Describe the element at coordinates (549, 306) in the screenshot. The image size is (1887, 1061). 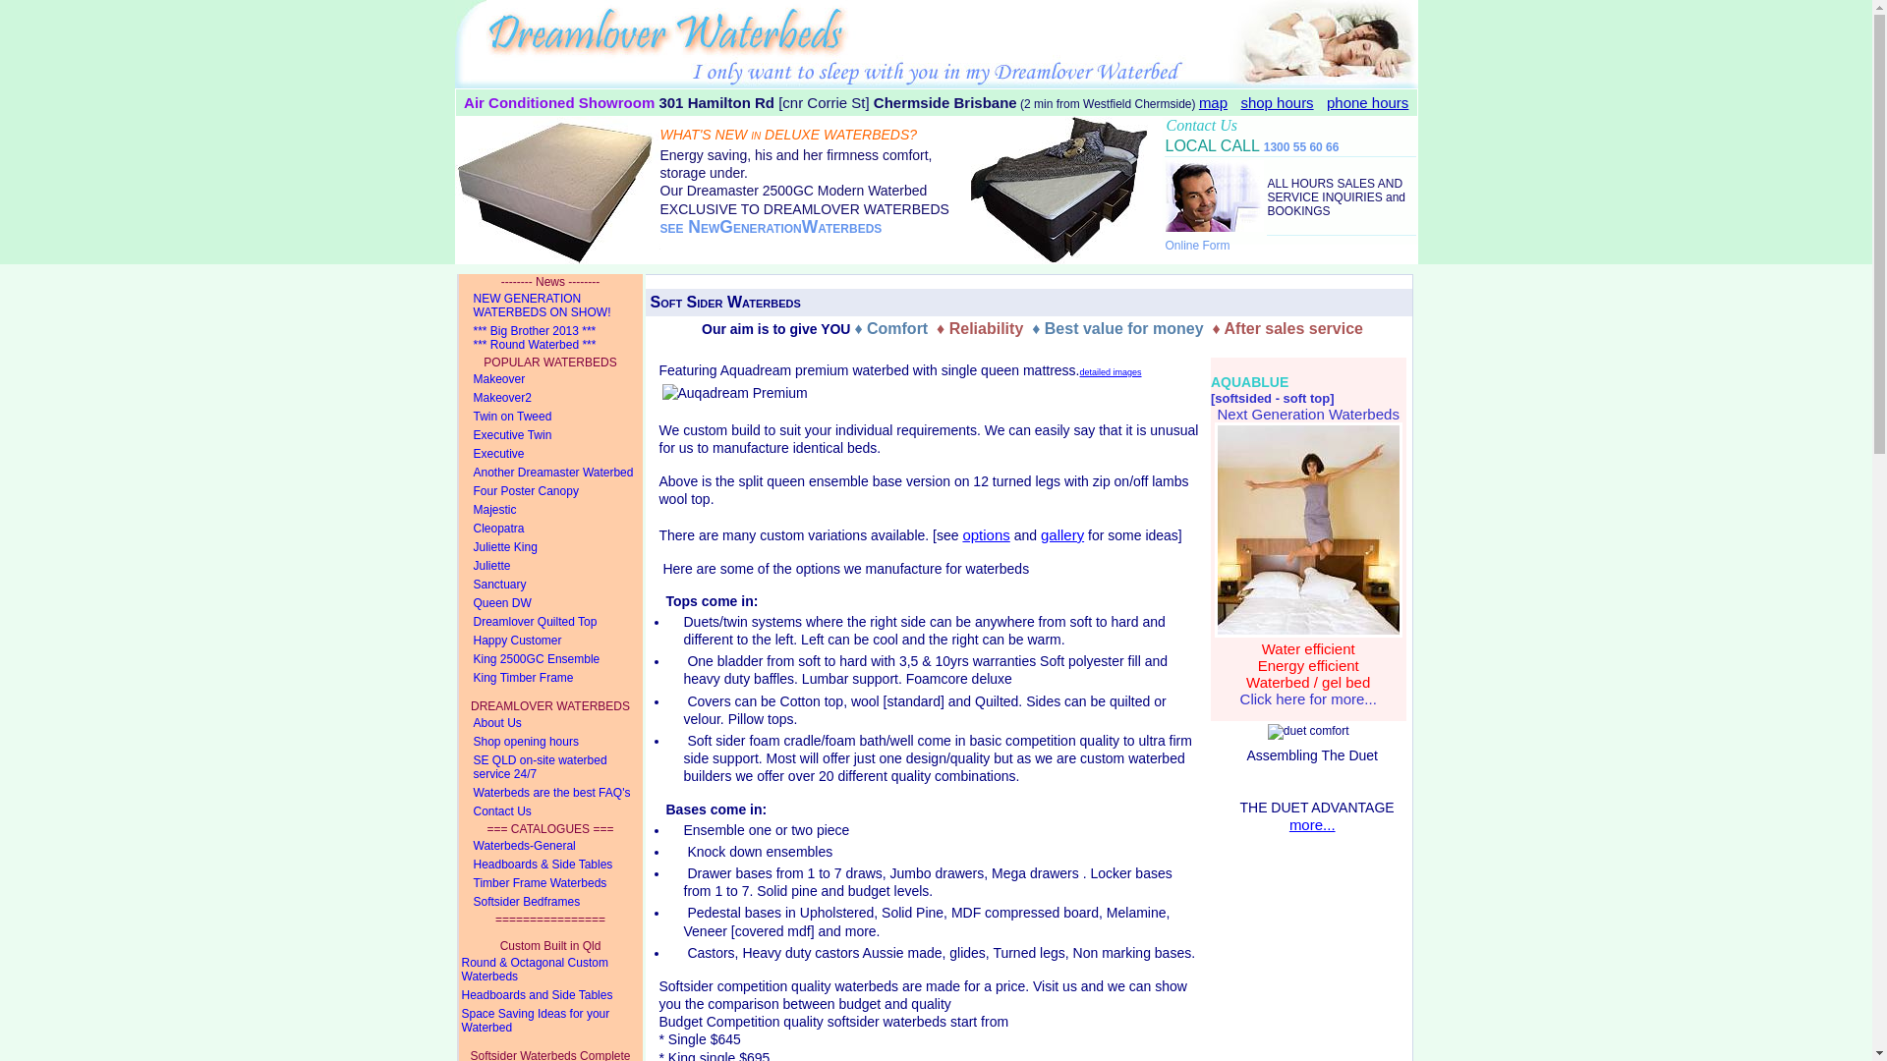
I see `'NEW GENERATION WATERBEDS ON SHOW!'` at that location.